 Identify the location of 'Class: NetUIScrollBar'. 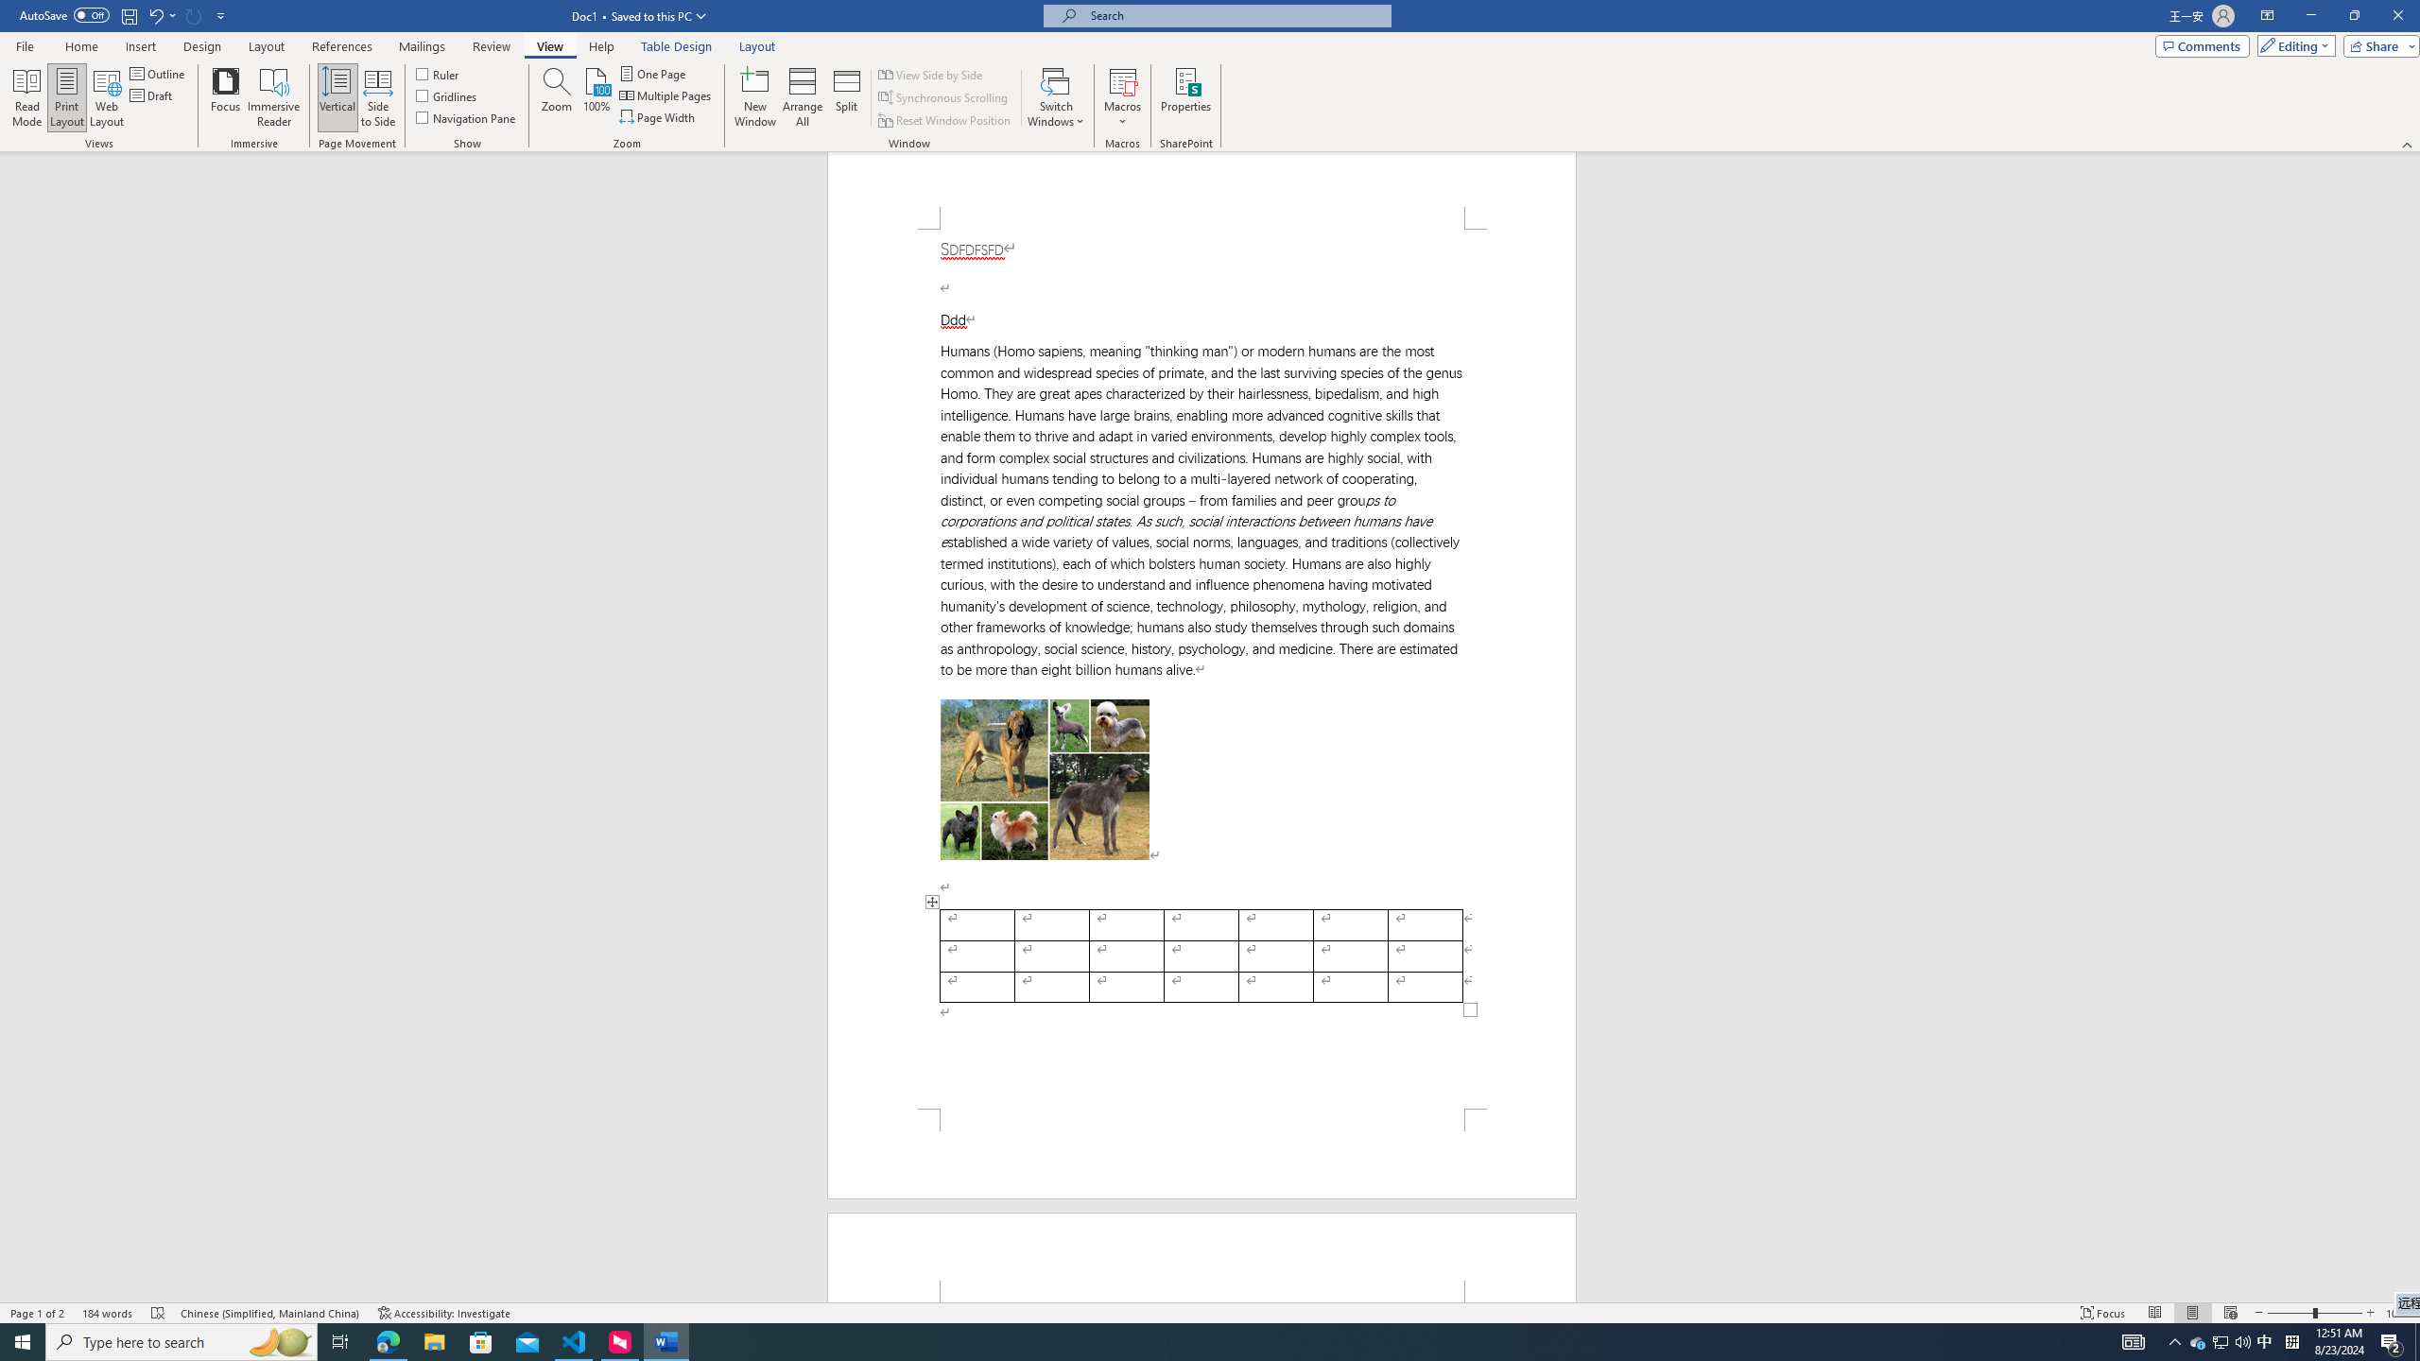
(2411, 727).